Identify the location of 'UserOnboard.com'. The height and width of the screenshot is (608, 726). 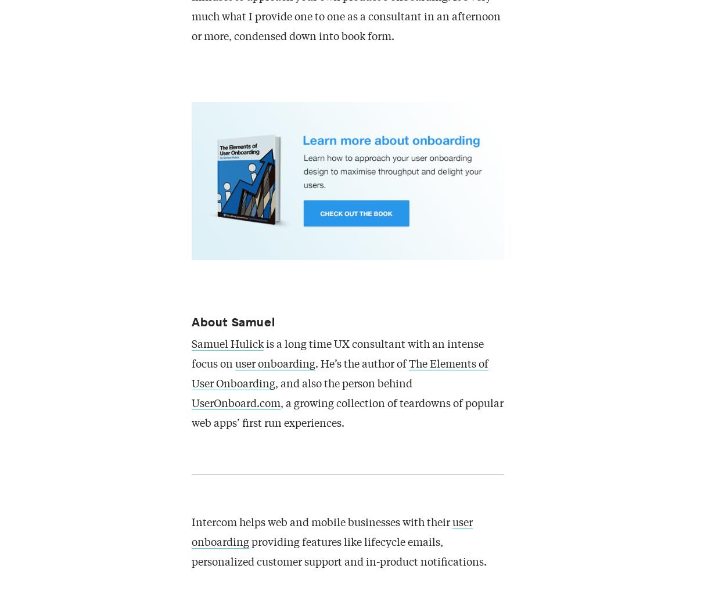
(236, 404).